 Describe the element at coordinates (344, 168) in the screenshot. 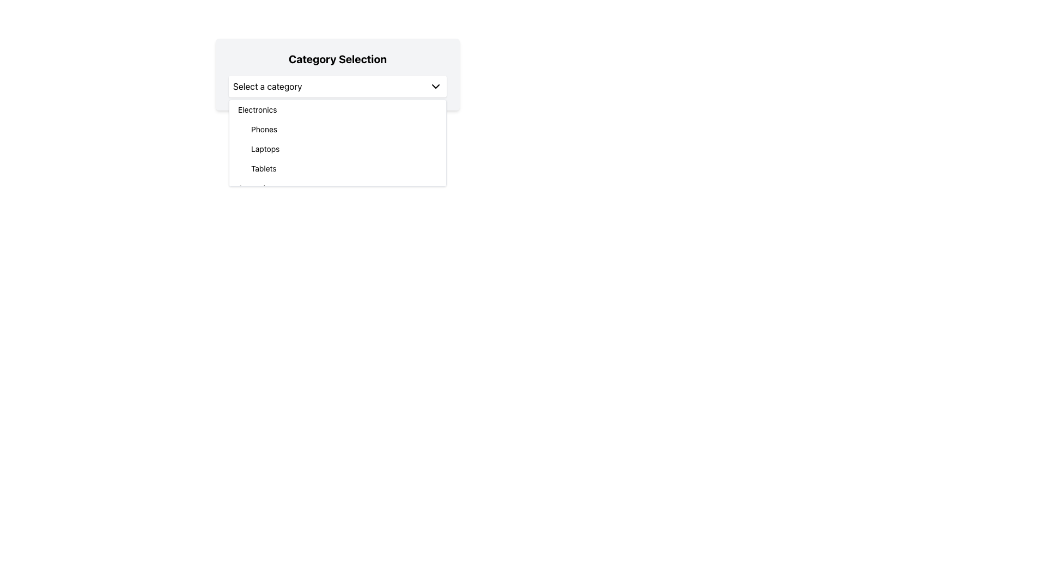

I see `the 'Tablets' menu item, which is the third option in the dropdown menu under 'Category Selection'` at that location.